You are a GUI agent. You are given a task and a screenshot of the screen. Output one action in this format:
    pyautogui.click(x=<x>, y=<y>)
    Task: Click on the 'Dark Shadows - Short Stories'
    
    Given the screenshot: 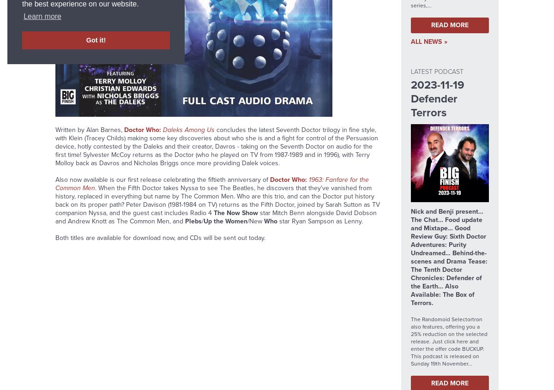 What is the action you would take?
    pyautogui.click(x=206, y=90)
    